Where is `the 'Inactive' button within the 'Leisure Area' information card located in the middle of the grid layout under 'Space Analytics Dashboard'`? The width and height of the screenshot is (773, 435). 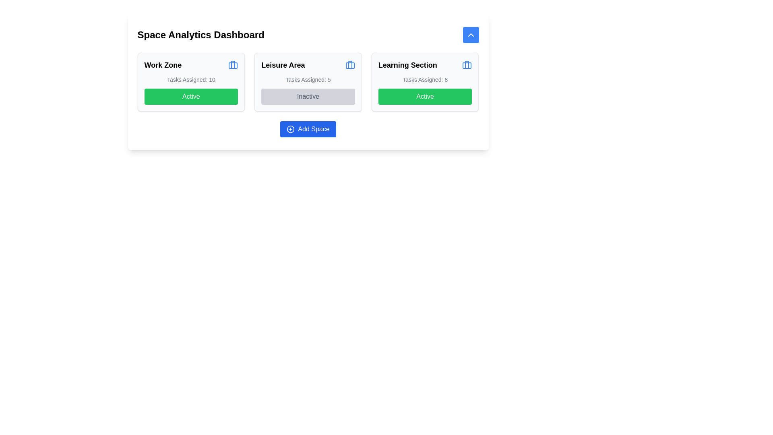 the 'Inactive' button within the 'Leisure Area' information card located in the middle of the grid layout under 'Space Analytics Dashboard' is located at coordinates (308, 82).